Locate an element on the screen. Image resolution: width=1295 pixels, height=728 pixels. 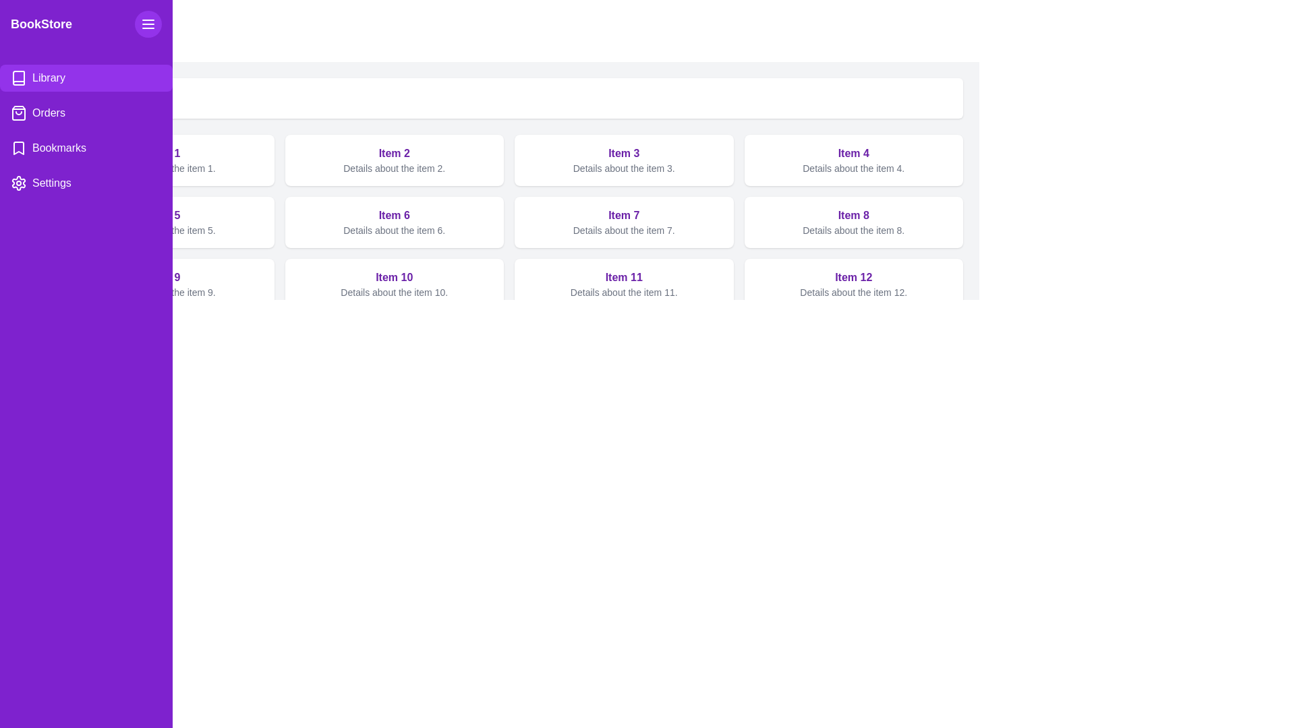
the text segment labeled 'Details about the item 12.' which is styled in light gray and located beneath the bold purple header 'Item 12' within the twelfth card of the grid layout is located at coordinates (853, 292).